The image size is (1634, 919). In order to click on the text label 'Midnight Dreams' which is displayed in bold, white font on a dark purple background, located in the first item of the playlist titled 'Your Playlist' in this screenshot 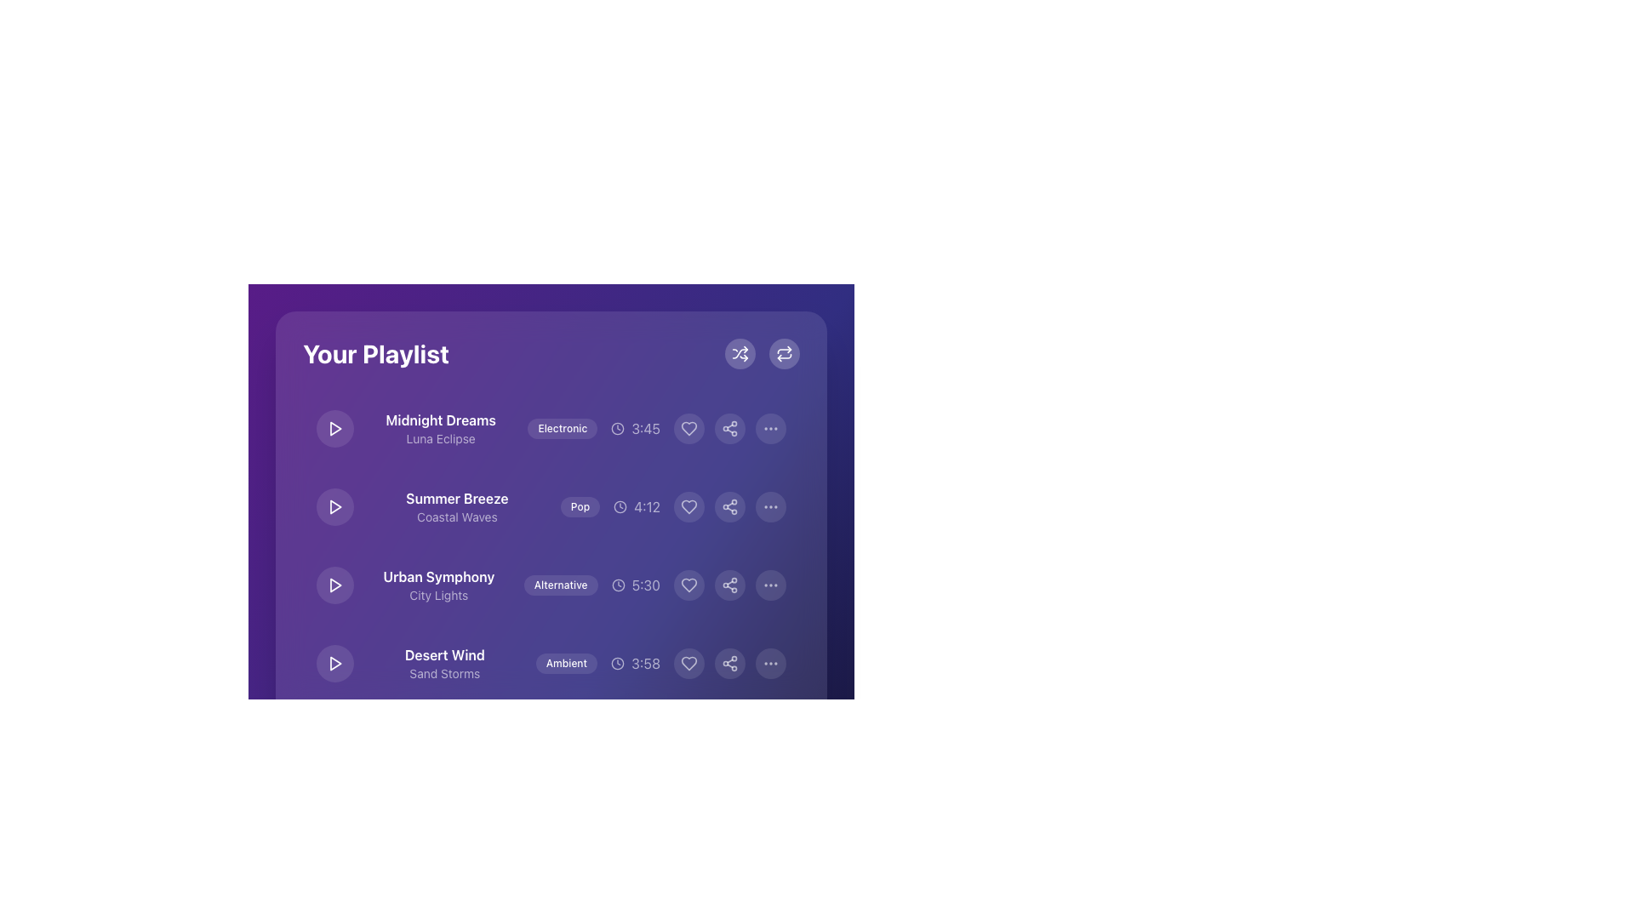, I will do `click(441, 420)`.